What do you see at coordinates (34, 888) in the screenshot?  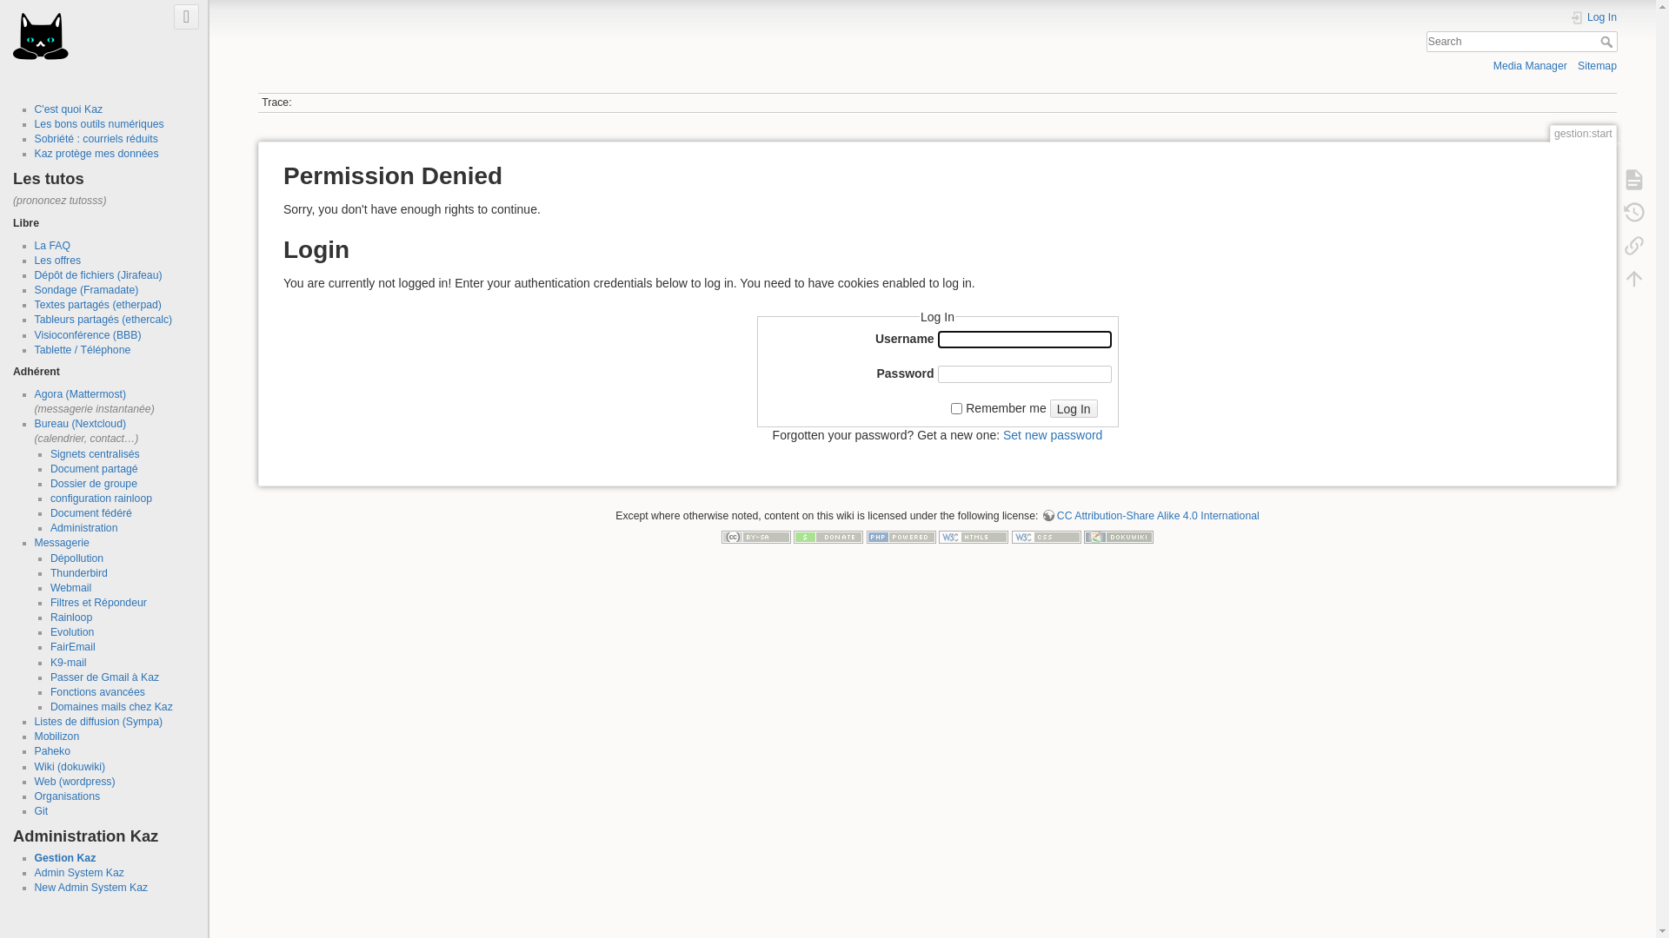 I see `'New Admin System Kaz'` at bounding box center [34, 888].